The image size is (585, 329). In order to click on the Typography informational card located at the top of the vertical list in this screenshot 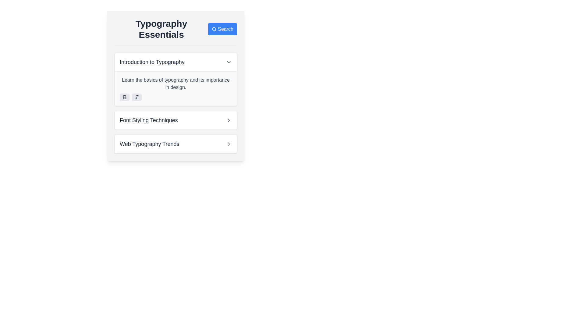, I will do `click(175, 79)`.